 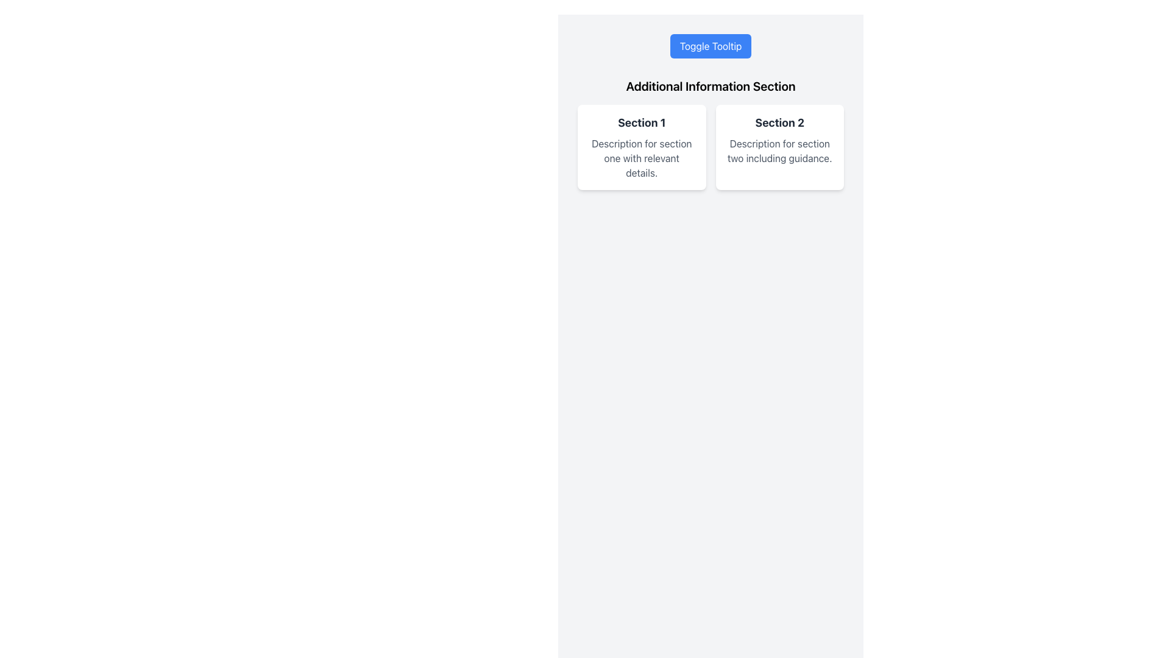 I want to click on the Text label that serves as a section header for the content below it in the card-like section titled 'Additional Information Section', so click(x=641, y=122).